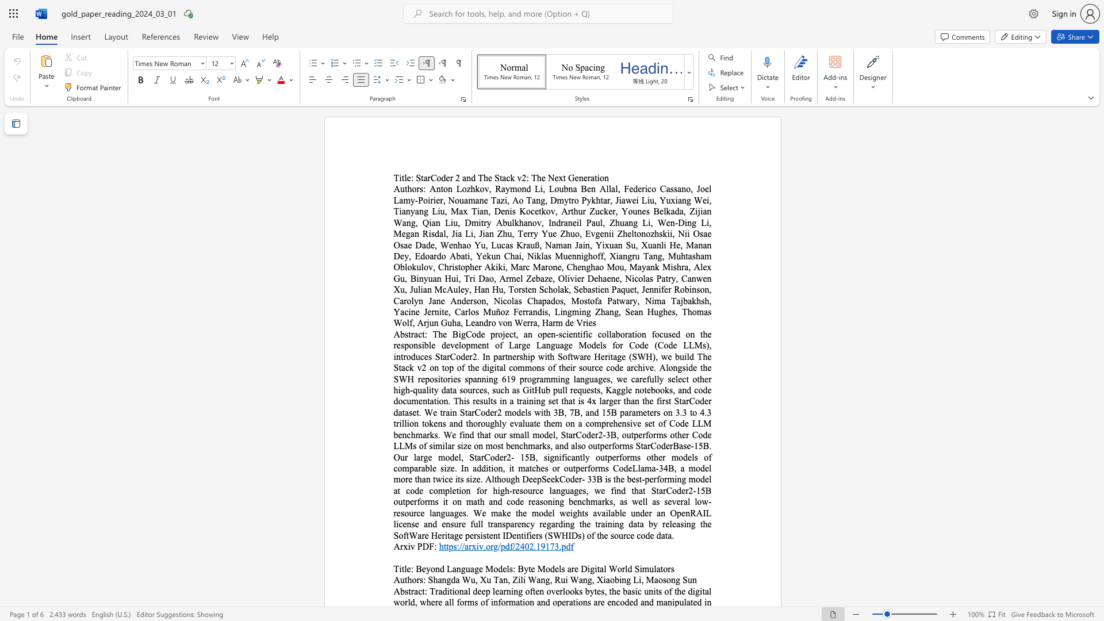 Image resolution: width=1104 pixels, height=621 pixels. What do you see at coordinates (654, 580) in the screenshot?
I see `the subset text "aos" within the text "Maosong Sun"` at bounding box center [654, 580].